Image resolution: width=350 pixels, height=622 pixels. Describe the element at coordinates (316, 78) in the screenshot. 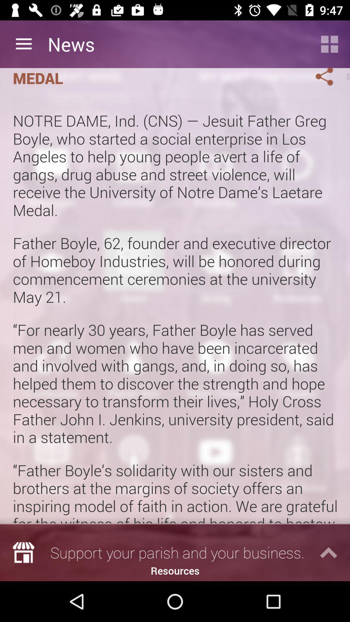

I see `sharing menu` at that location.